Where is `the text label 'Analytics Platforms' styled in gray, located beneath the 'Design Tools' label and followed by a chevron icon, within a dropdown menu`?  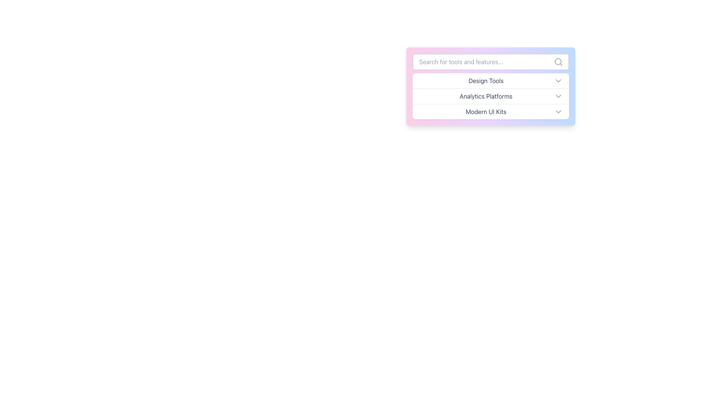
the text label 'Analytics Platforms' styled in gray, located beneath the 'Design Tools' label and followed by a chevron icon, within a dropdown menu is located at coordinates (486, 96).